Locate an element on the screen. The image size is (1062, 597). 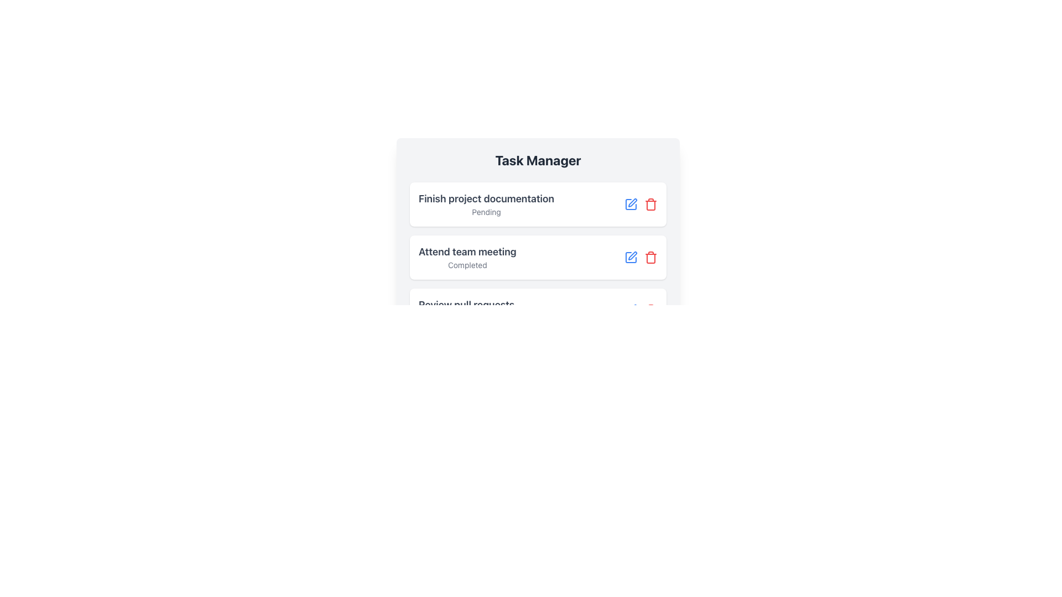
the trash can icon button located in the second task list item is located at coordinates (650, 258).